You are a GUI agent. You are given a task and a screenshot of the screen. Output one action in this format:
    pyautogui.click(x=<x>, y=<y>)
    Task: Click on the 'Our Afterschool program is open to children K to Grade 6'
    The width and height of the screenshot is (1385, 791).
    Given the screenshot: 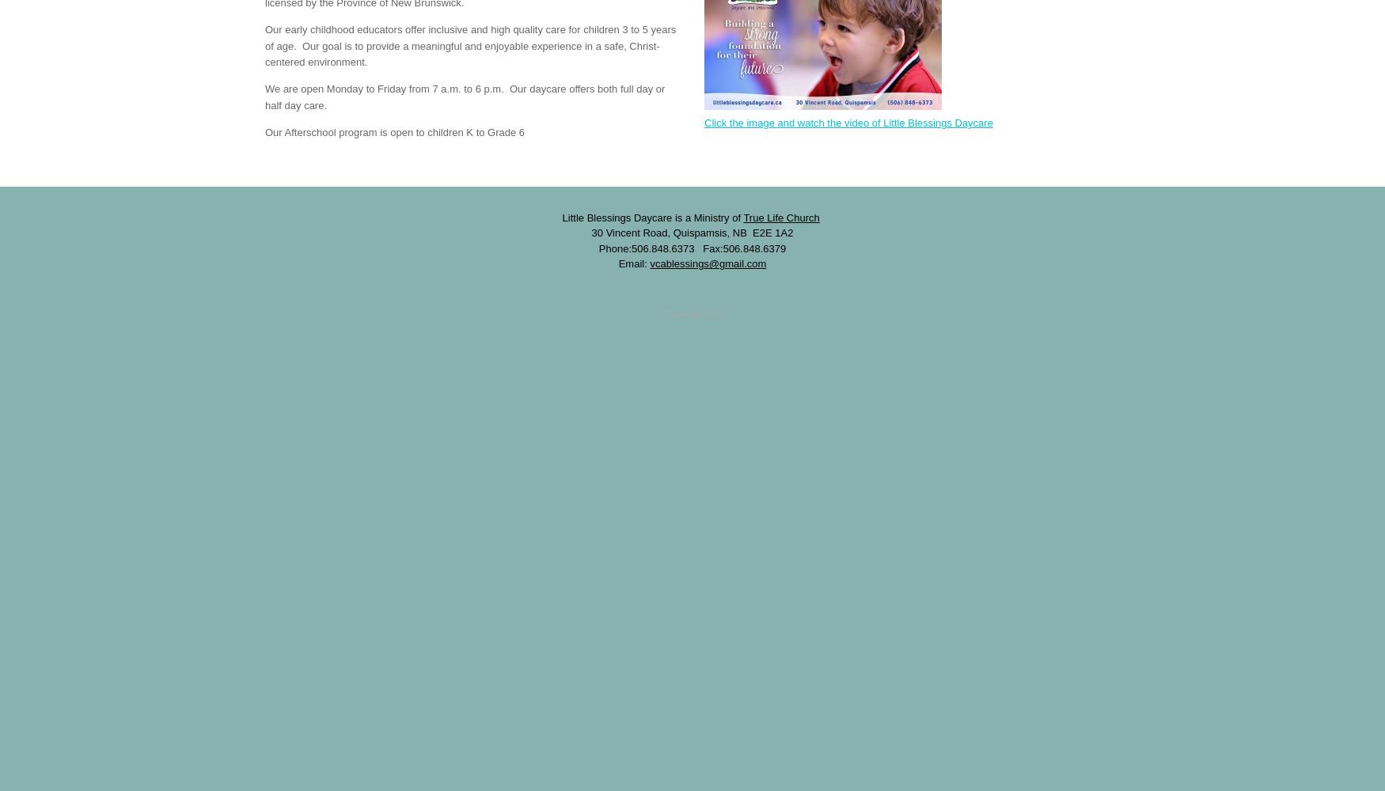 What is the action you would take?
    pyautogui.click(x=394, y=131)
    